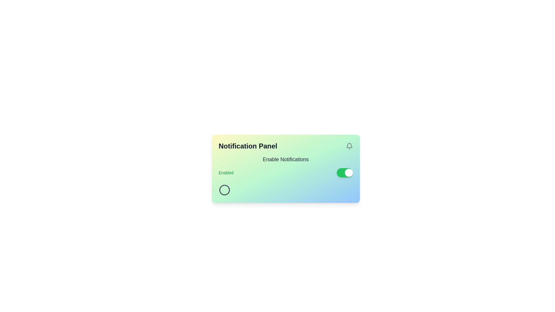 This screenshot has width=555, height=312. I want to click on information from the 'Notification Panel' which has a gradient background and contains a toggle switch and status indicator, so click(286, 168).